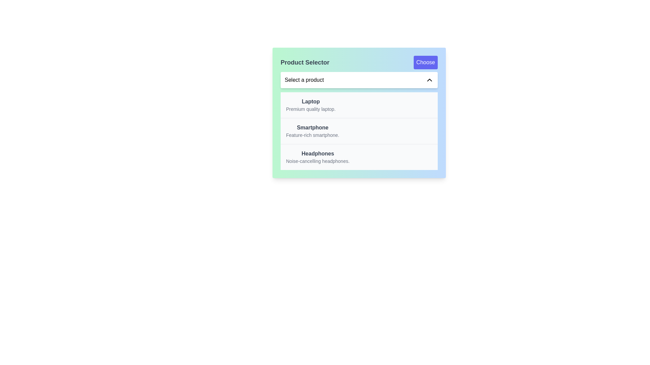 The image size is (650, 365). What do you see at coordinates (359, 105) in the screenshot?
I see `the first selectable list item indicating a laptop product, located directly below the 'Select a product' dropdown menu` at bounding box center [359, 105].